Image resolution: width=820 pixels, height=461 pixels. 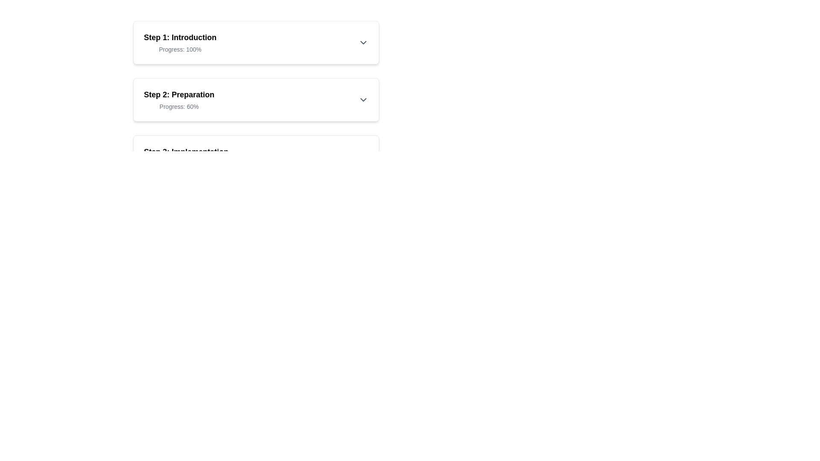 I want to click on the prominently styled text label displaying 'Step 1: Introduction', which is part of a step-wise progress indicator, so click(x=180, y=37).